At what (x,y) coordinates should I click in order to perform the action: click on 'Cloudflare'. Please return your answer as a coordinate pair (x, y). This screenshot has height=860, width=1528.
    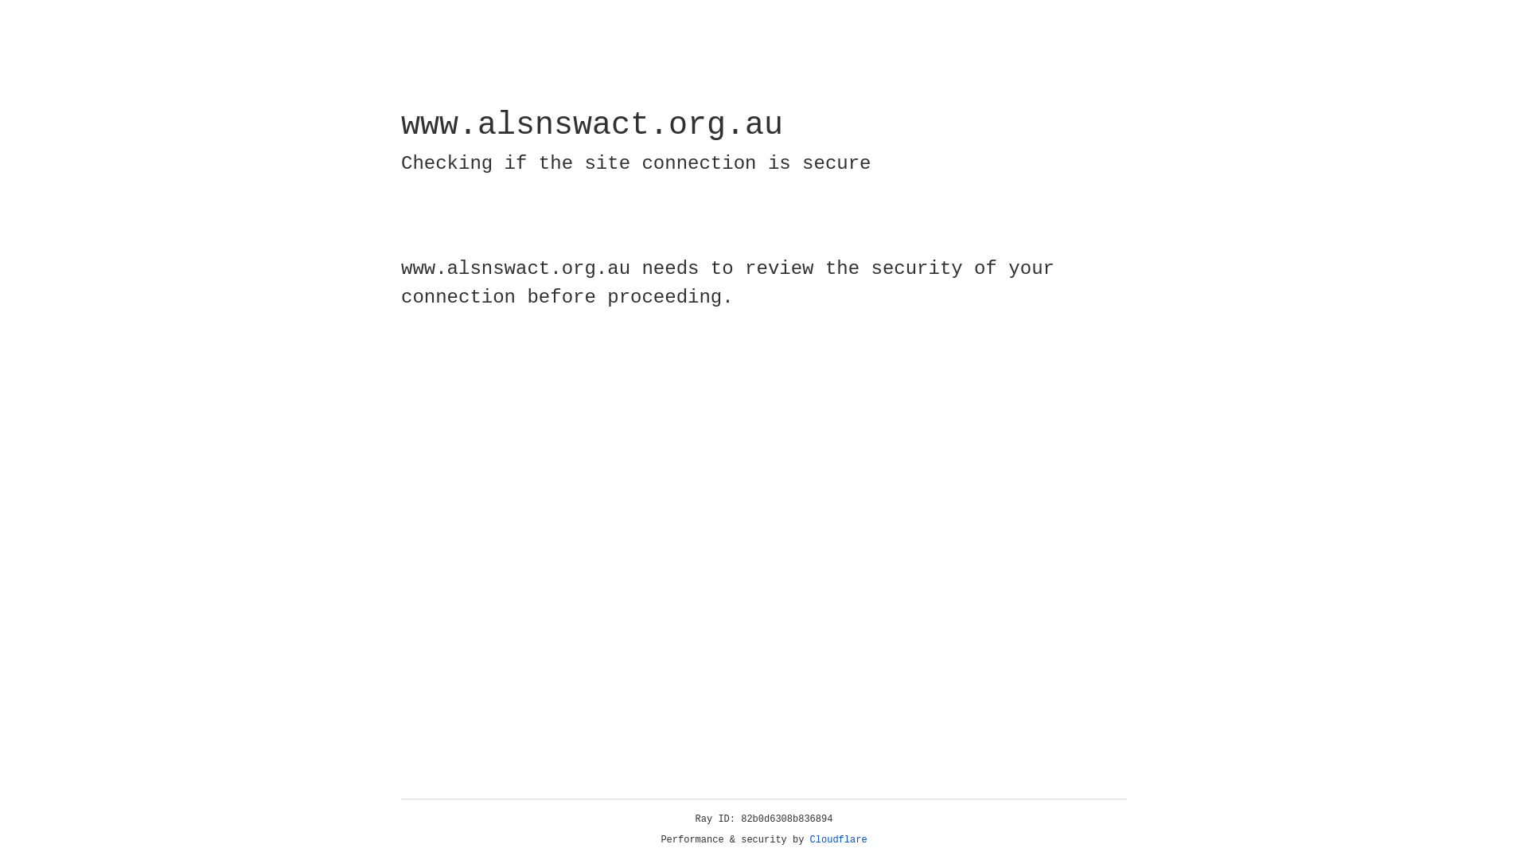
    Looking at the image, I should click on (838, 839).